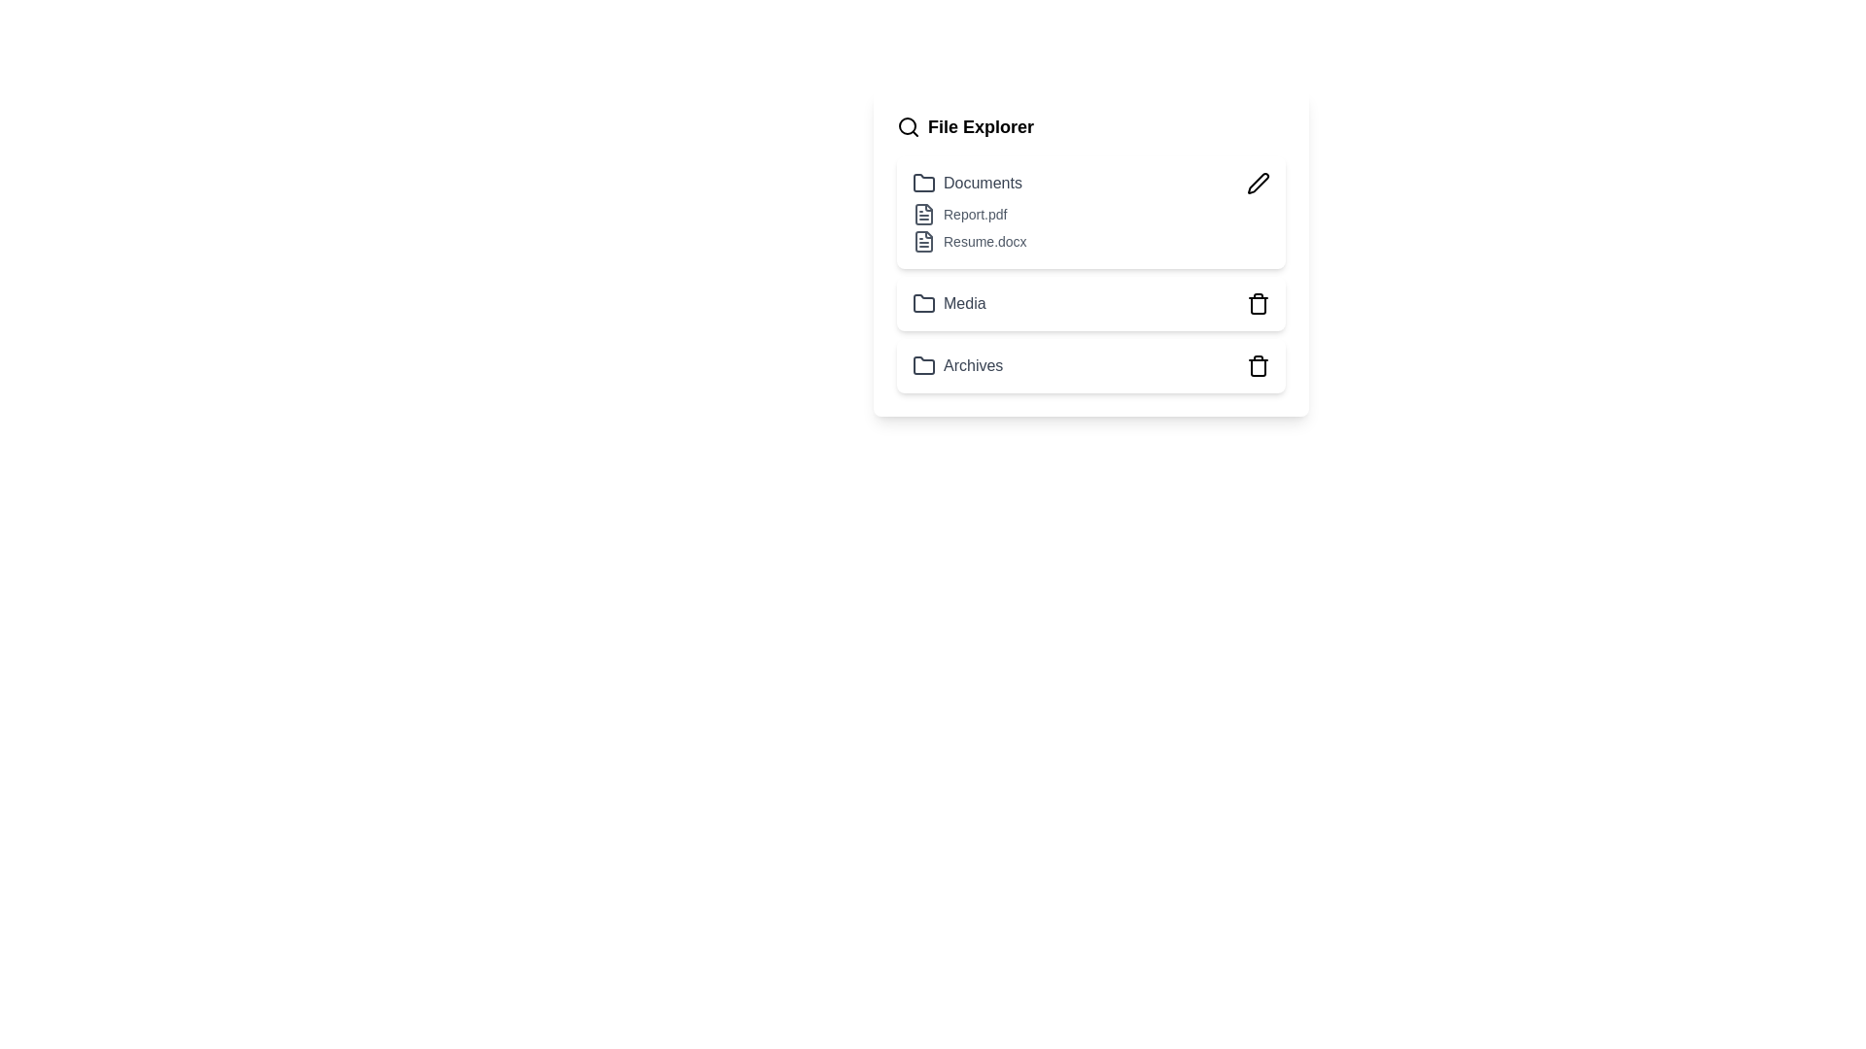  Describe the element at coordinates (1091, 303) in the screenshot. I see `the 'Media' folder interactive list item` at that location.